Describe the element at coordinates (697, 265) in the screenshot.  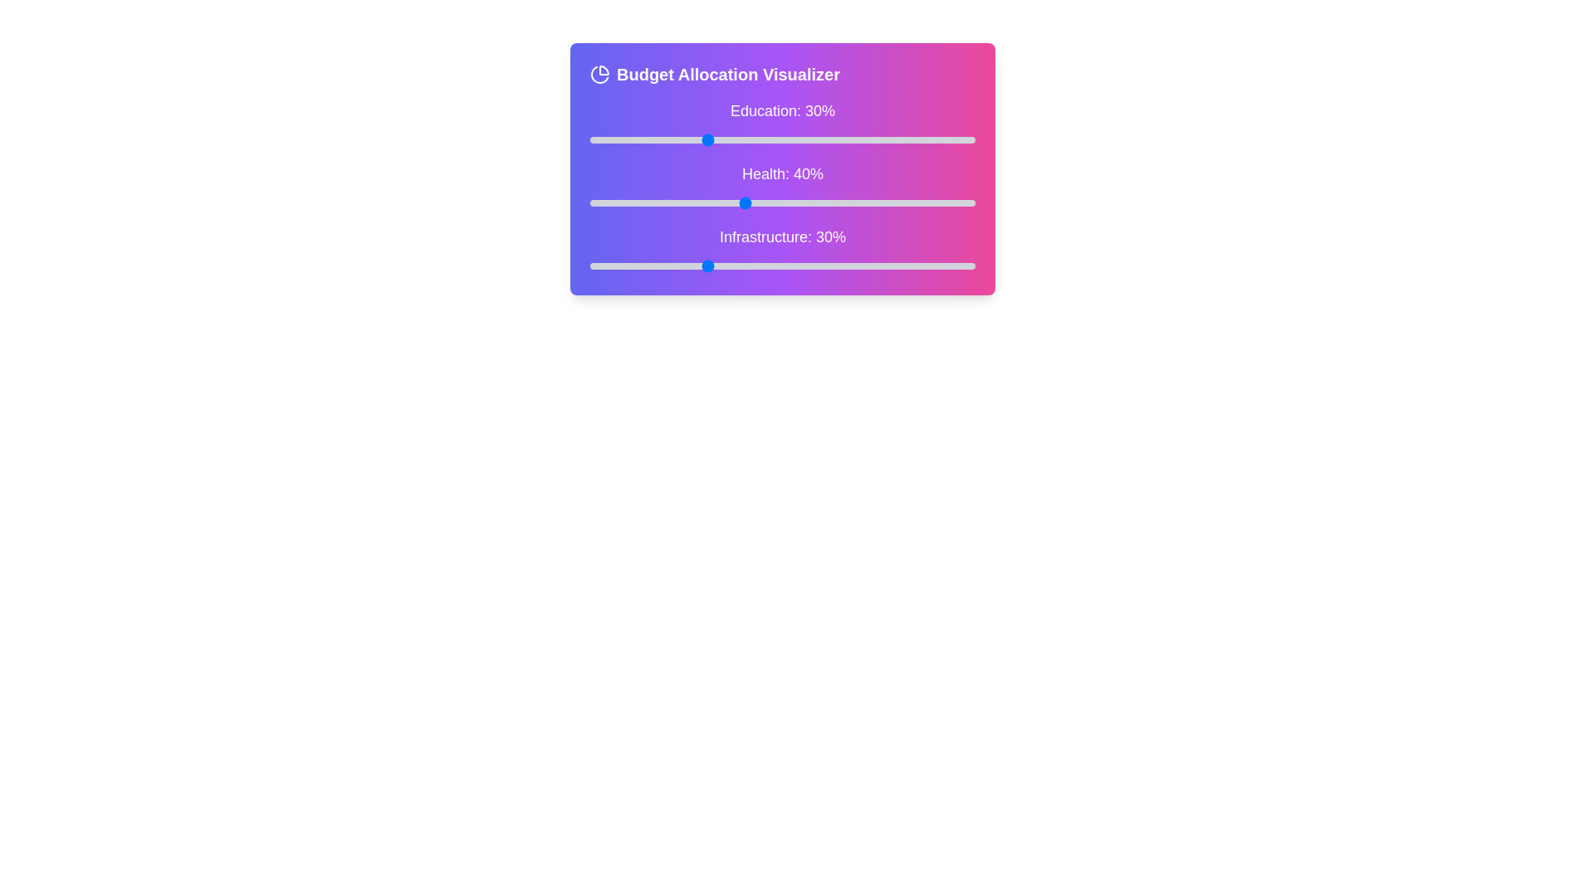
I see `the slider` at that location.